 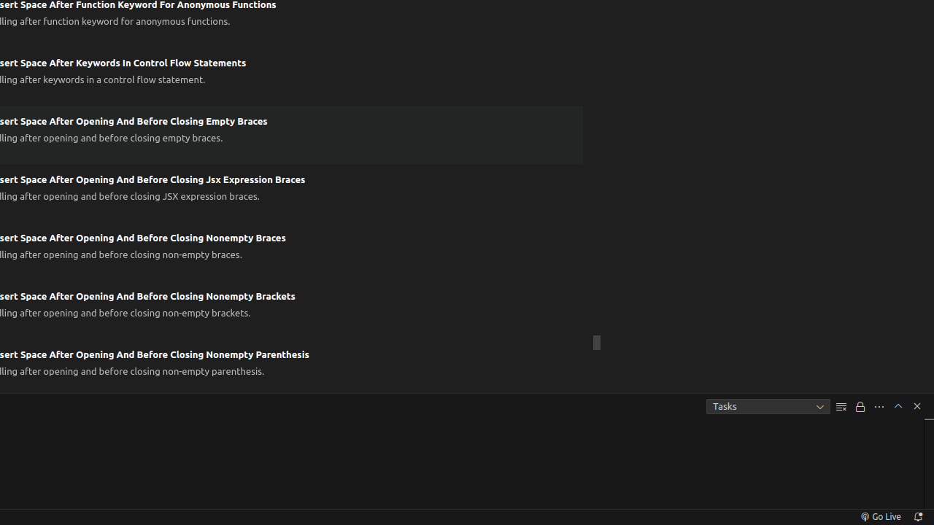 I want to click on 'Maximize Panel Size', so click(x=897, y=405).